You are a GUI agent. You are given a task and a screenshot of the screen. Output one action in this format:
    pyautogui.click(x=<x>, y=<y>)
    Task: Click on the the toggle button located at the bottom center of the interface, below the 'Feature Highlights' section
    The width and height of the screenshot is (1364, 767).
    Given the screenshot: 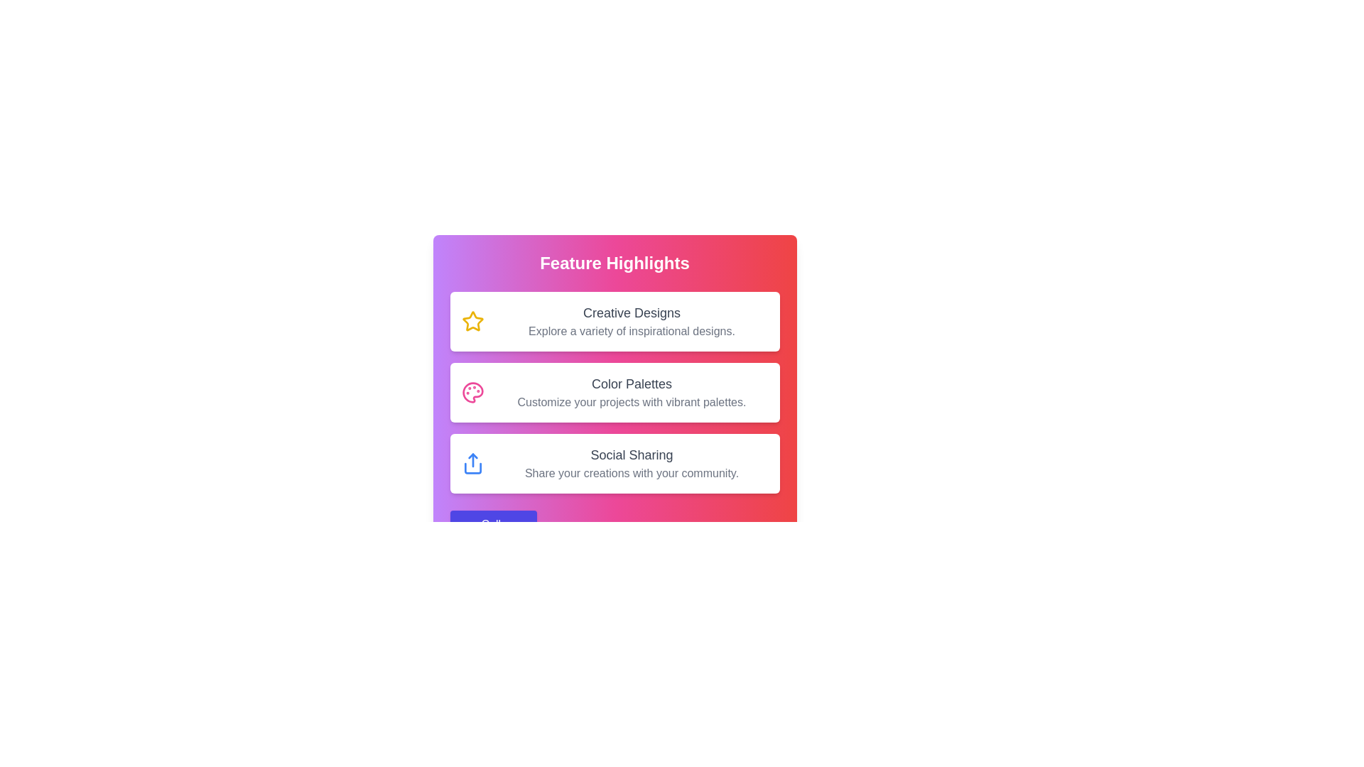 What is the action you would take?
    pyautogui.click(x=493, y=525)
    